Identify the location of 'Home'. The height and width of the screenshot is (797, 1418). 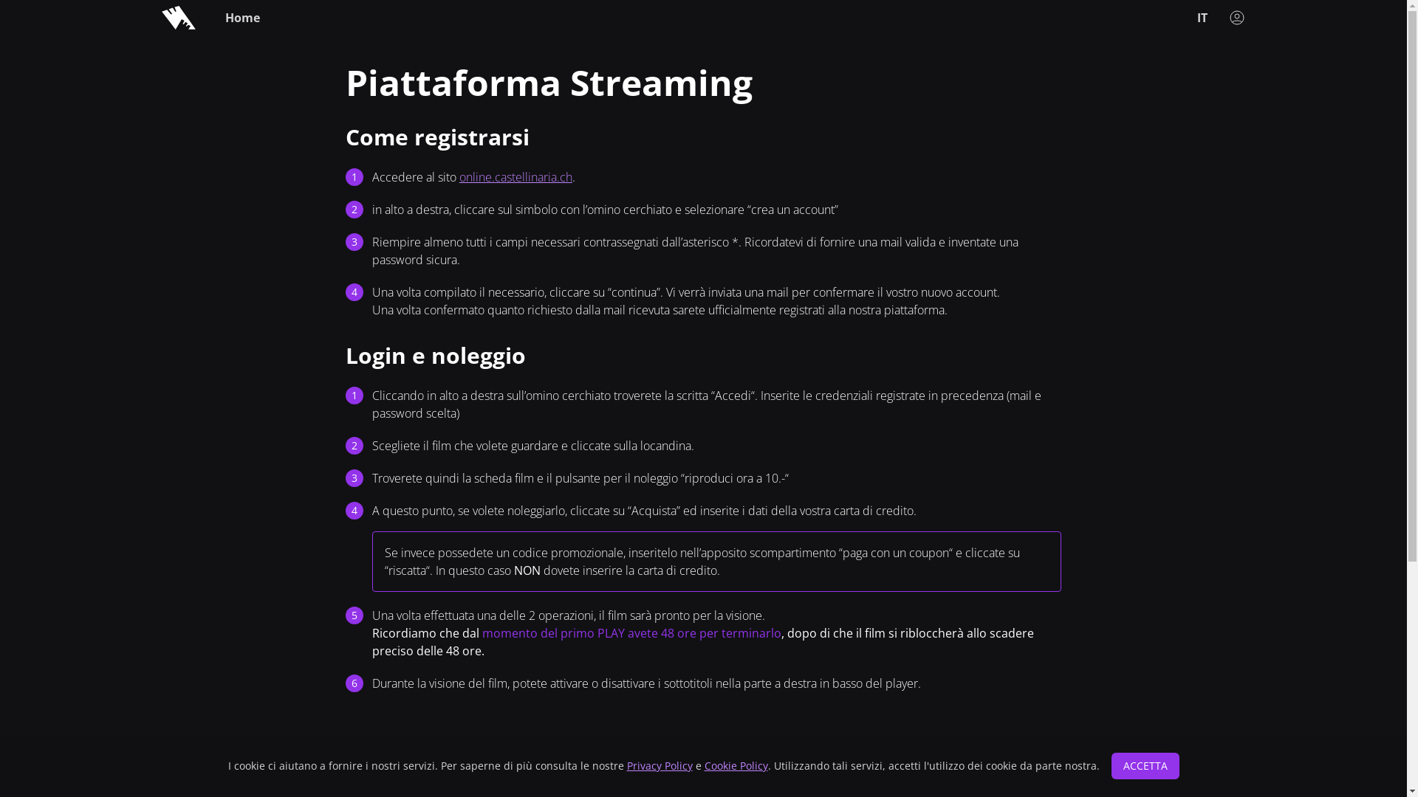
(242, 17).